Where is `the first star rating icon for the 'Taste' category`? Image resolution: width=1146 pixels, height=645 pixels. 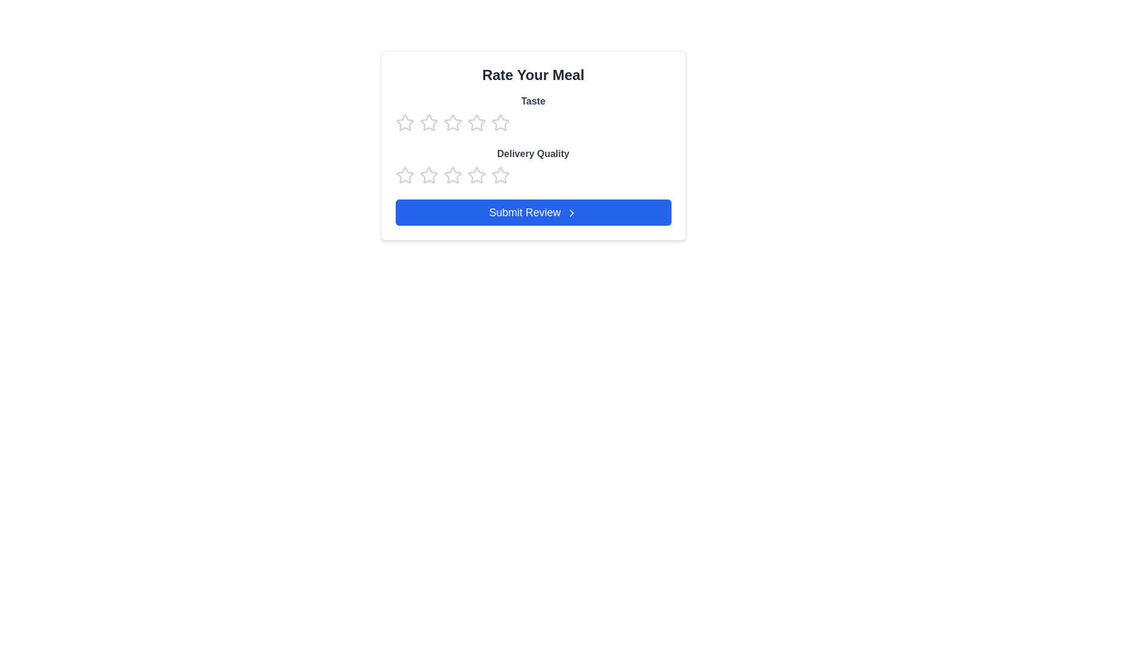
the first star rating icon for the 'Taste' category is located at coordinates (405, 122).